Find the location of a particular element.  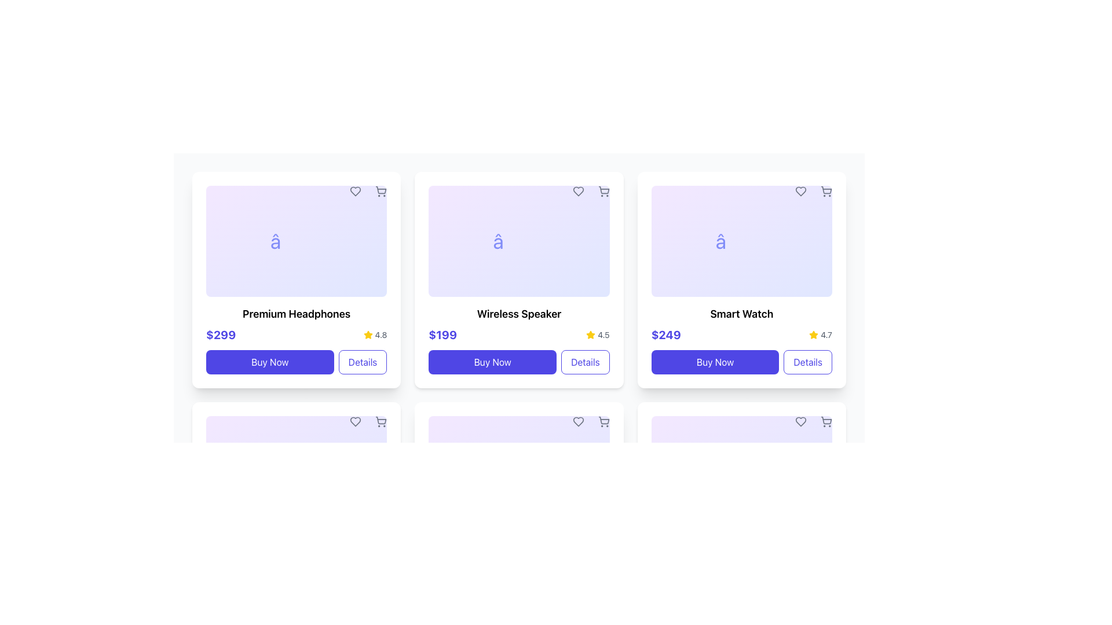

the heart icon in the top-right corner of the 'Smart Watch' card to favorite the associated item is located at coordinates (800, 191).